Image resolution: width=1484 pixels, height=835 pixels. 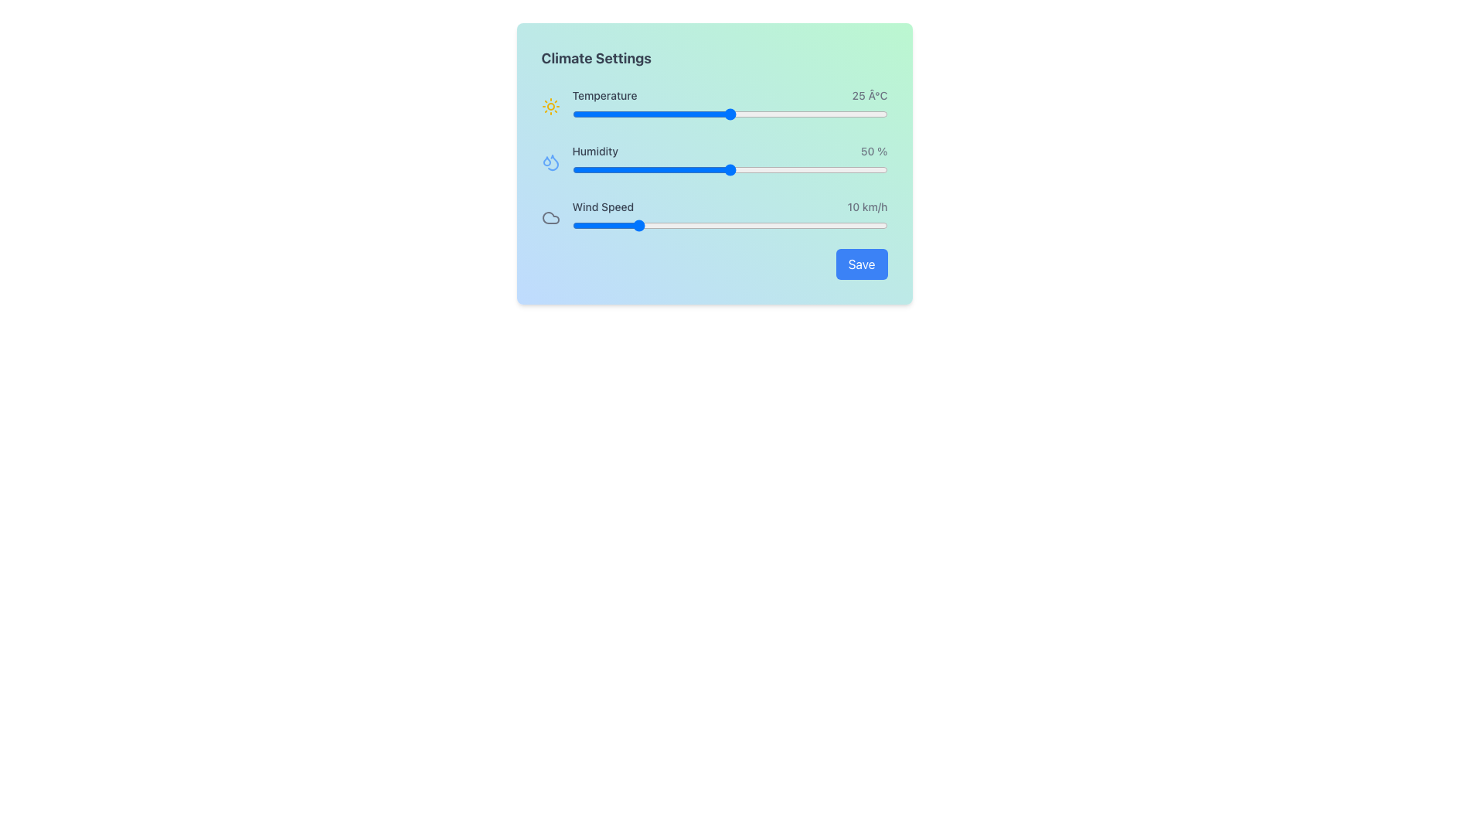 What do you see at coordinates (602, 206) in the screenshot?
I see `the static text label displaying 'Wind Speed', which is aligned to the left within the 'Climate Settings' panel` at bounding box center [602, 206].